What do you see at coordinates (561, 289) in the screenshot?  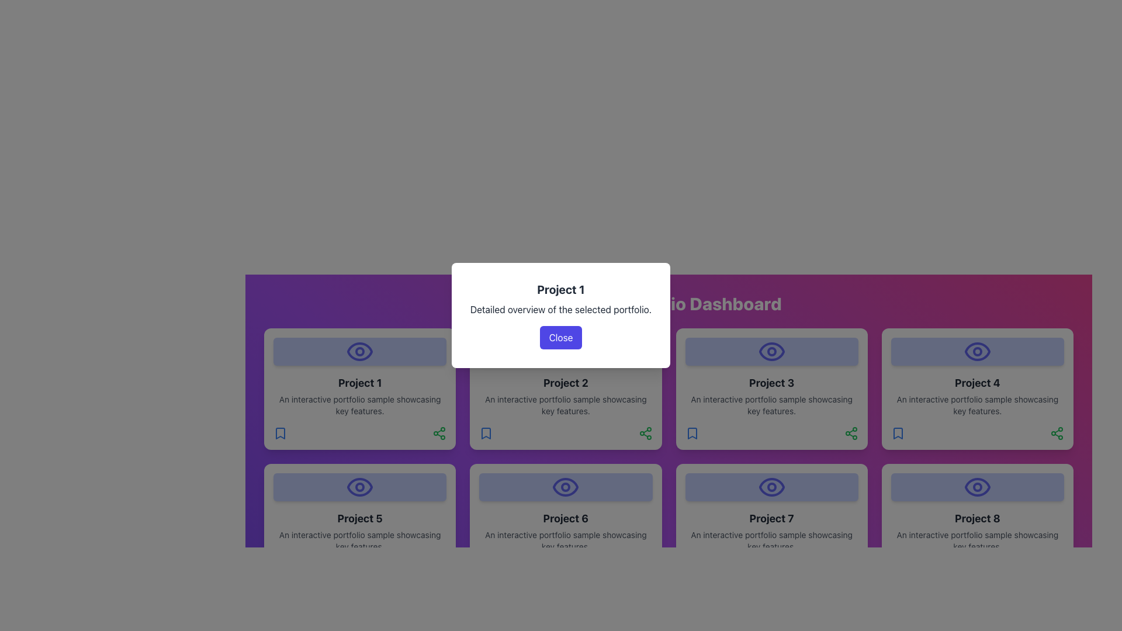 I see `the title text label displaying 'Project 1' which is styled in bold` at bounding box center [561, 289].